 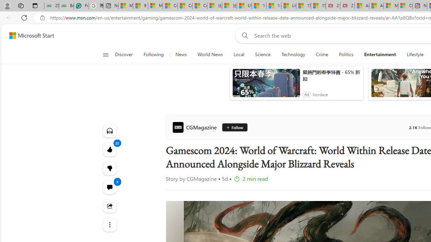 I want to click on 'Lifestyle - MSN', so click(x=289, y=6).